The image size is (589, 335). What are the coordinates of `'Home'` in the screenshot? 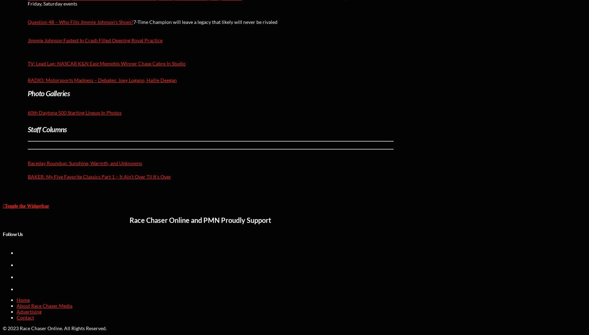 It's located at (23, 299).